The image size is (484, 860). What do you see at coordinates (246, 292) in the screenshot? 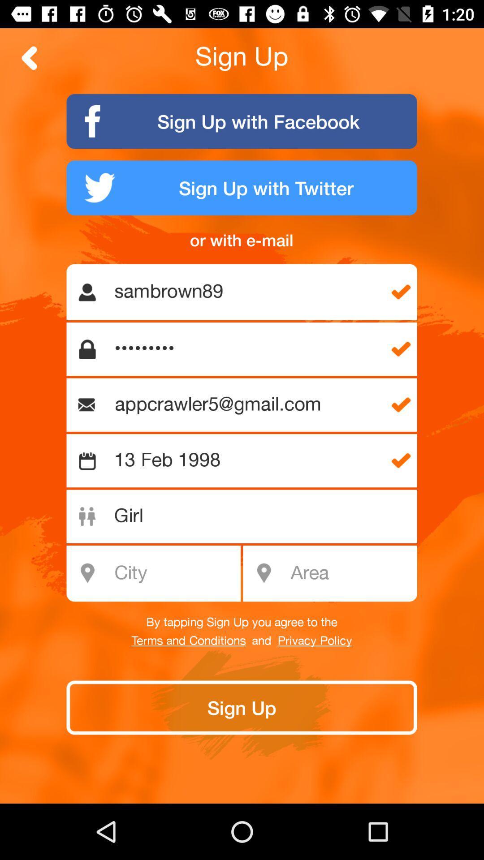
I see `sambrown89 item` at bounding box center [246, 292].